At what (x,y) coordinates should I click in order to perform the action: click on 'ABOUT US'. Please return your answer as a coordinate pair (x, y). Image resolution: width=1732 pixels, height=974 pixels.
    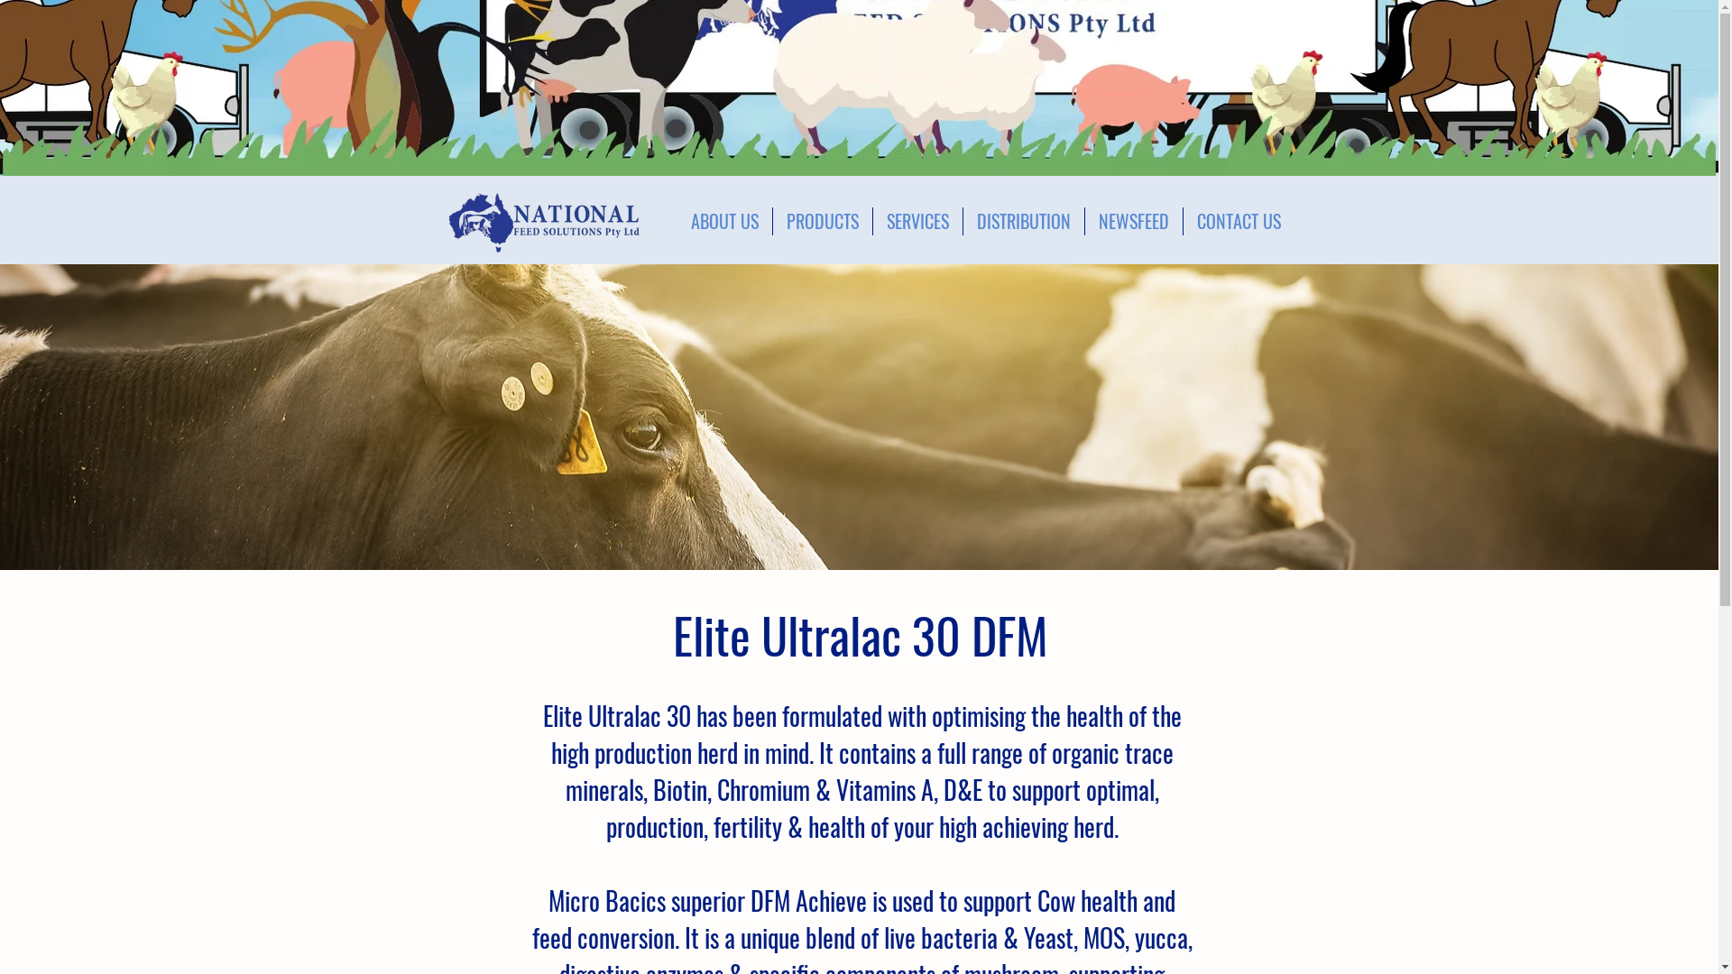
    Looking at the image, I should click on (724, 220).